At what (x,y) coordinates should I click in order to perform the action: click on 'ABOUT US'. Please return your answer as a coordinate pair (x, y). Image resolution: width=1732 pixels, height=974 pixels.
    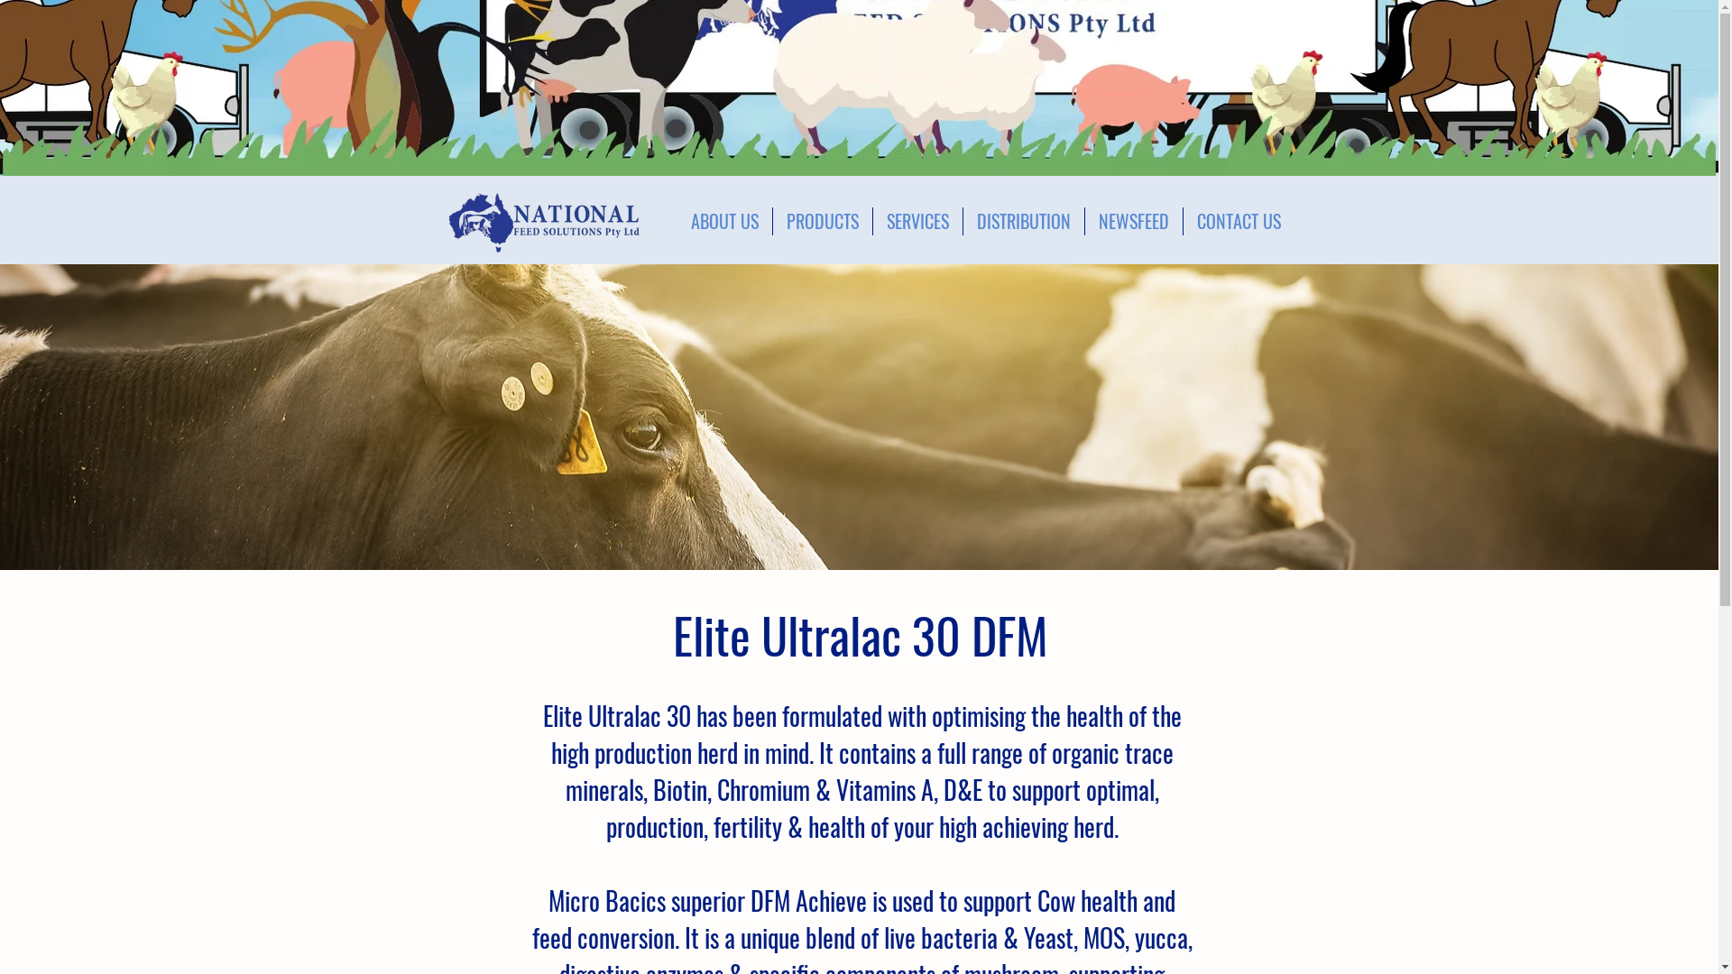
    Looking at the image, I should click on (724, 220).